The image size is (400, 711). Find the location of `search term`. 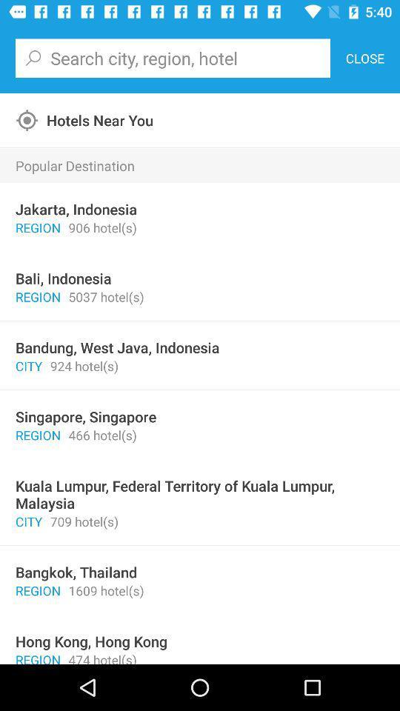

search term is located at coordinates (172, 58).